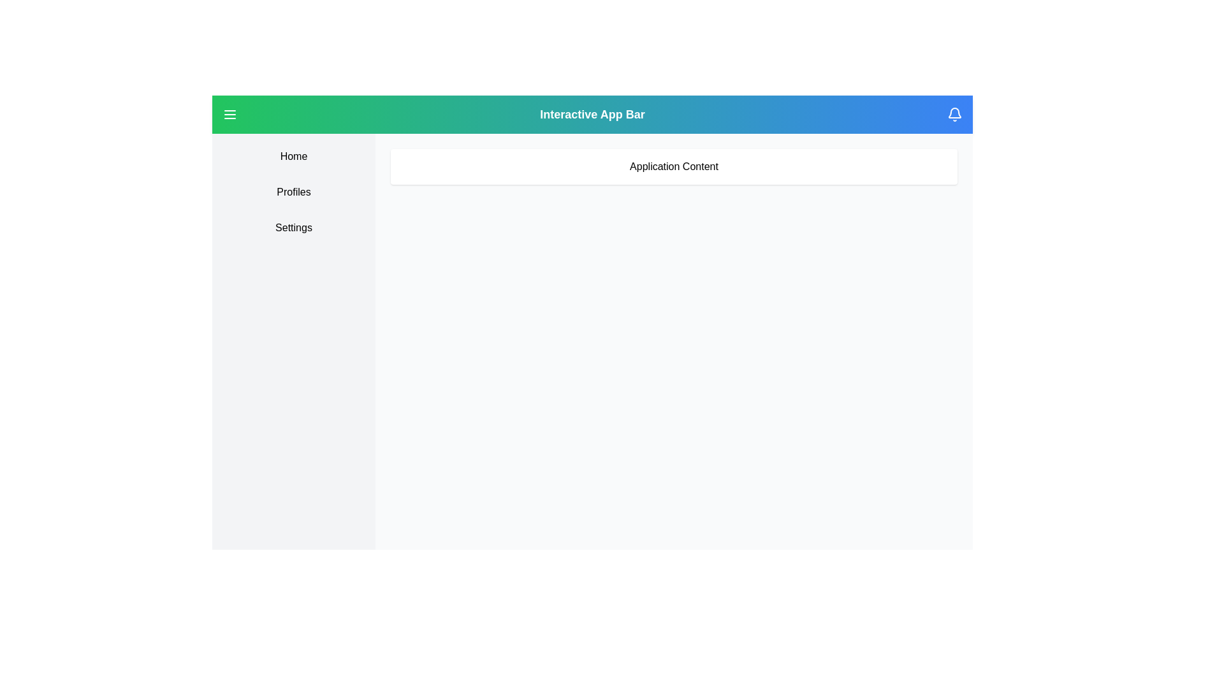  Describe the element at coordinates (229, 115) in the screenshot. I see `the menu button to toggle the sidebar visibility` at that location.